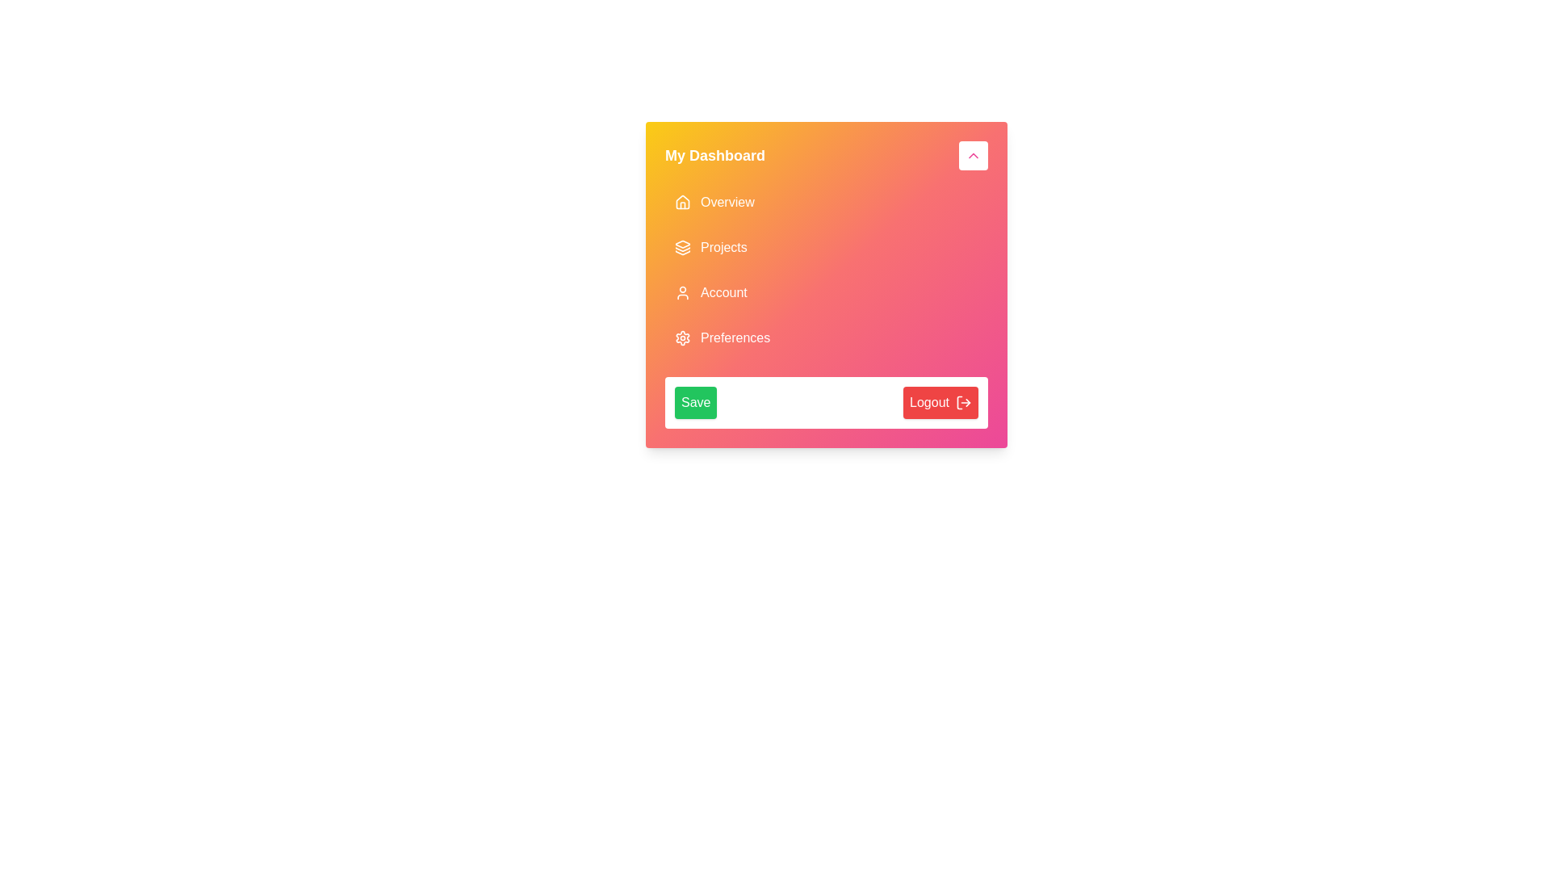  I want to click on the chevron icon located at the upper right corner of the interface, within a square button with a white background and rounded edges, so click(972, 155).